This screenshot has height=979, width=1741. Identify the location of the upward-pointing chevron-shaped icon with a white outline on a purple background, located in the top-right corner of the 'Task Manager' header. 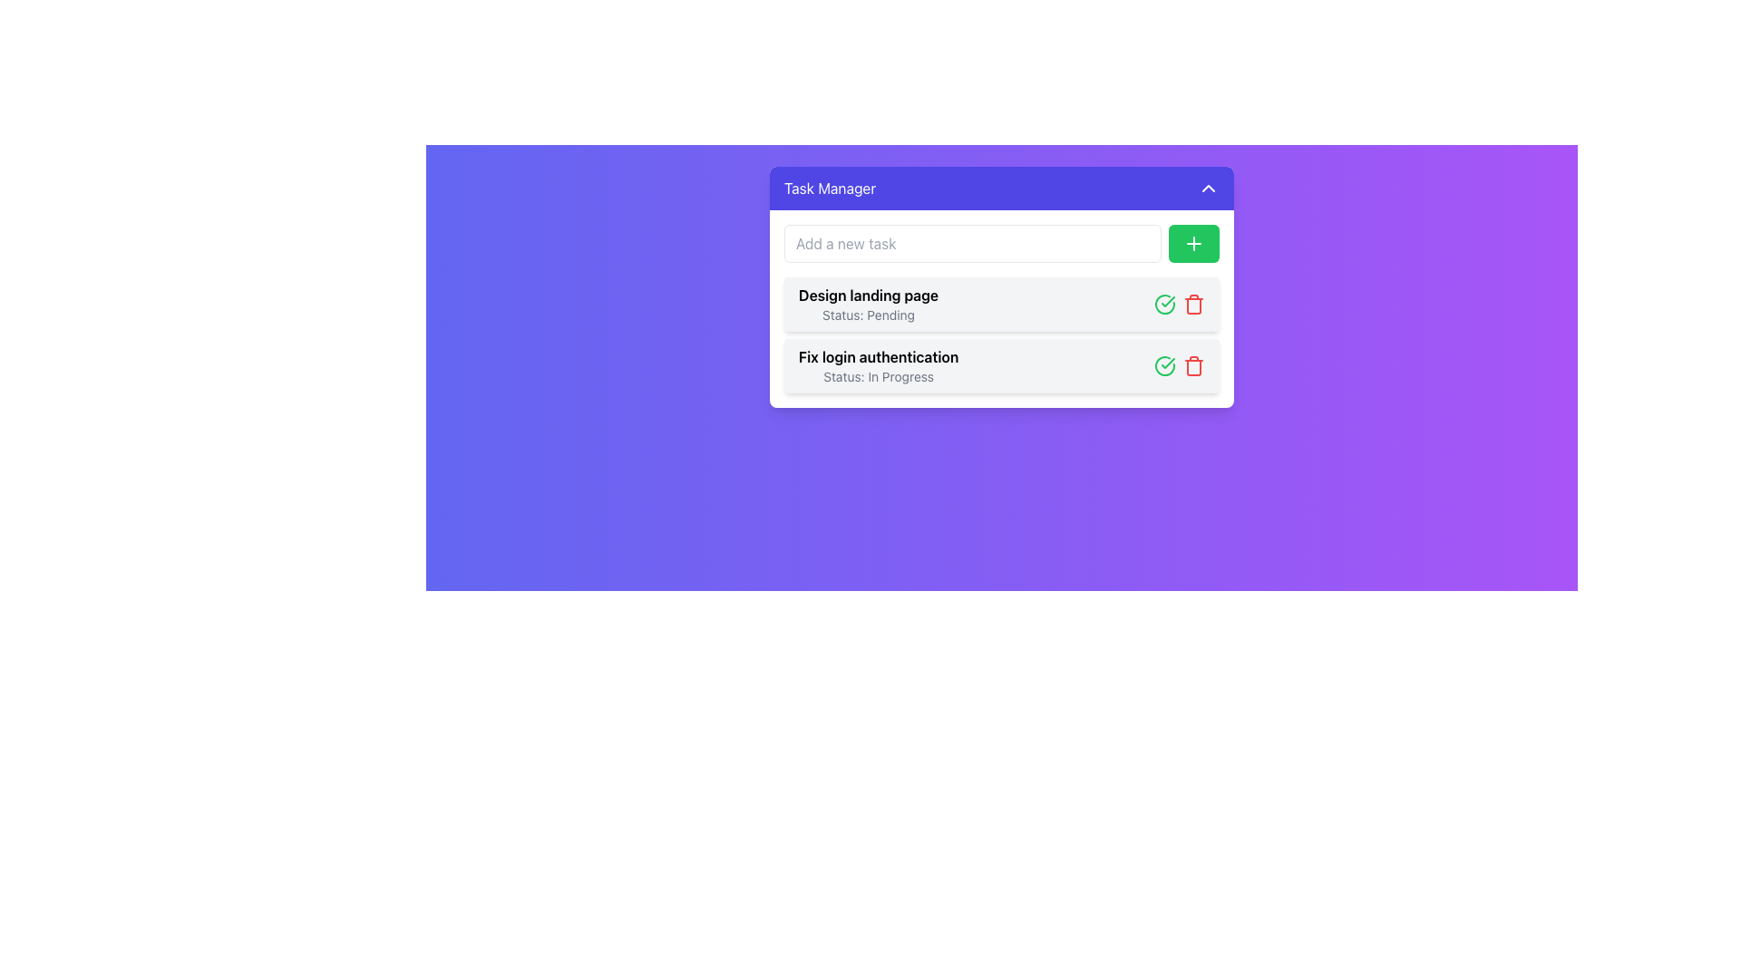
(1209, 189).